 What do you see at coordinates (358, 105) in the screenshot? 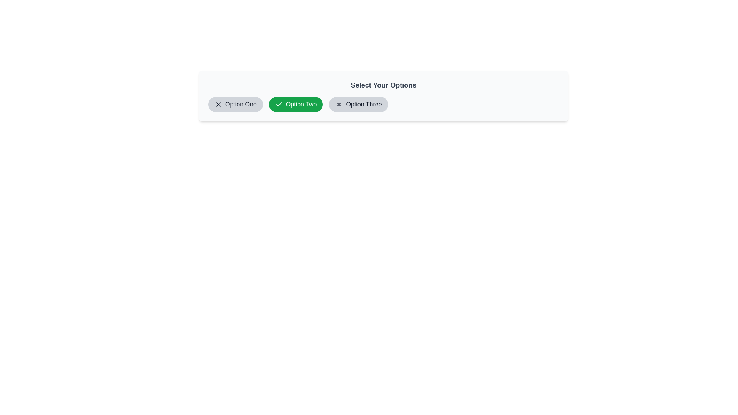
I see `the option Option Three by clicking its corresponding button` at bounding box center [358, 105].